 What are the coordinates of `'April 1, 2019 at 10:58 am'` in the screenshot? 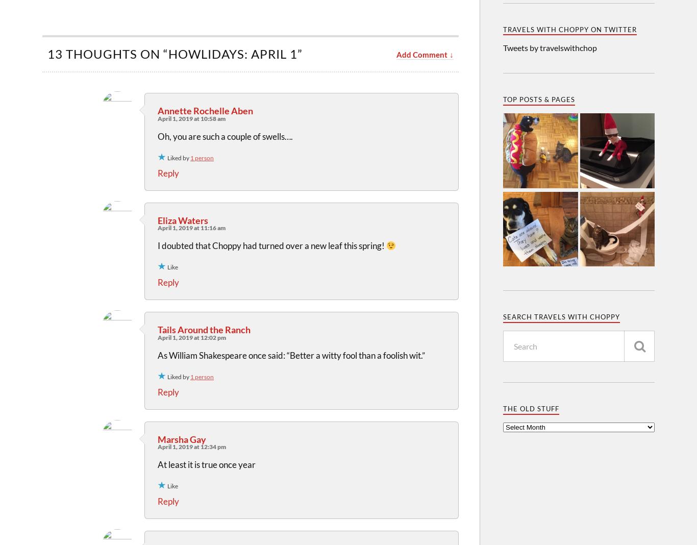 It's located at (191, 118).